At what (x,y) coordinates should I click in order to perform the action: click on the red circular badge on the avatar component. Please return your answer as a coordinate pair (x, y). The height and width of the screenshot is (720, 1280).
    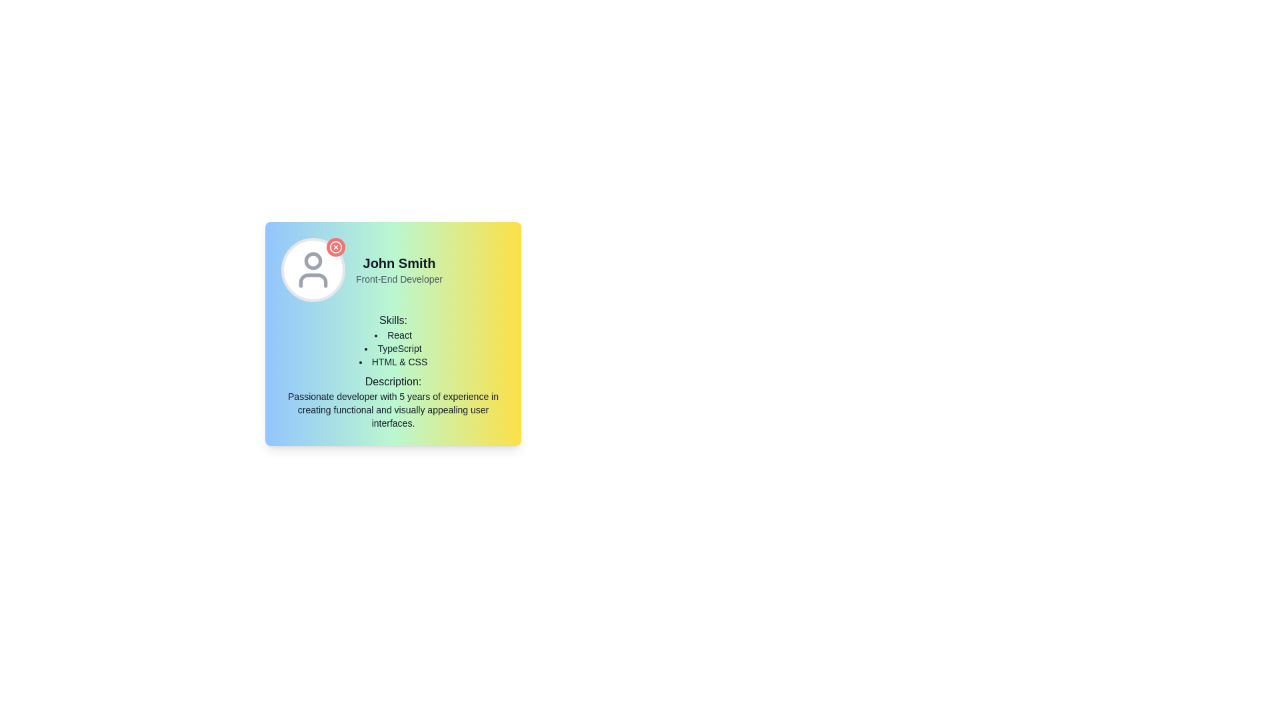
    Looking at the image, I should click on (313, 270).